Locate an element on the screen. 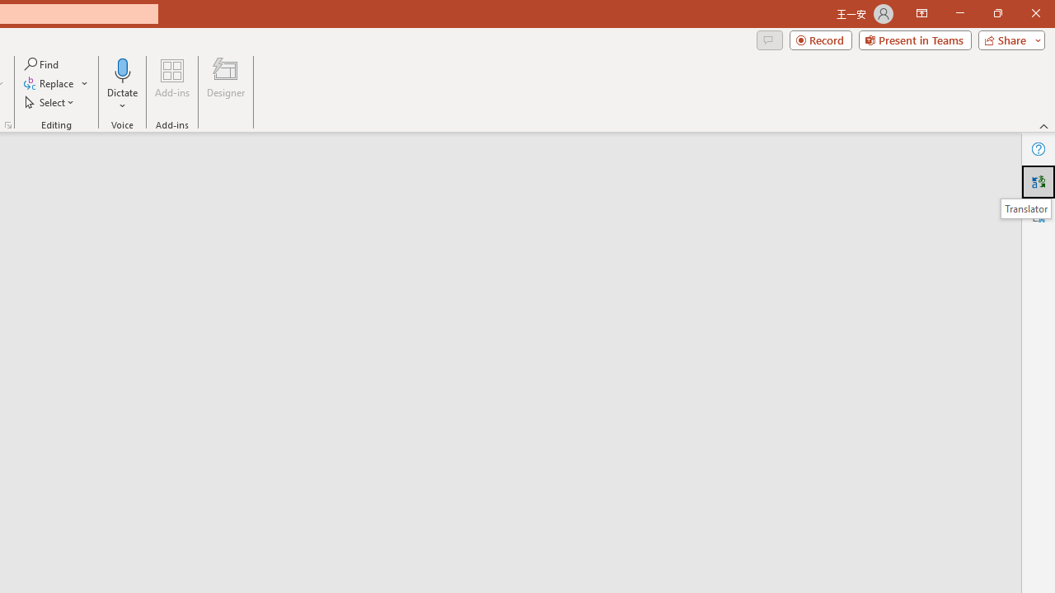 The height and width of the screenshot is (593, 1055). 'Accessibility' is located at coordinates (1038, 214).